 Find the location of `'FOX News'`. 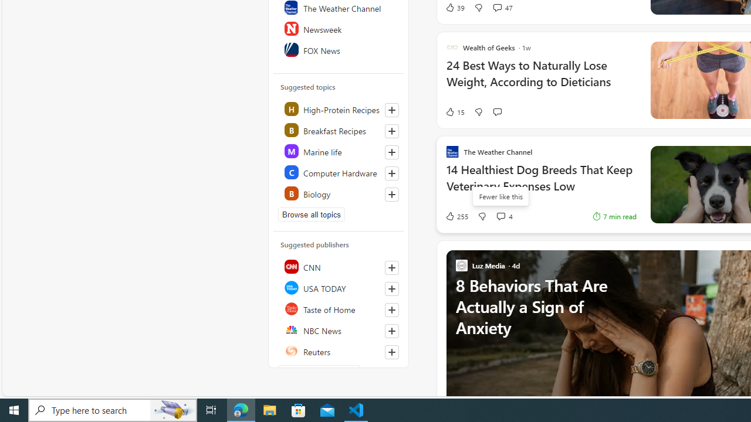

'FOX News' is located at coordinates (339, 49).